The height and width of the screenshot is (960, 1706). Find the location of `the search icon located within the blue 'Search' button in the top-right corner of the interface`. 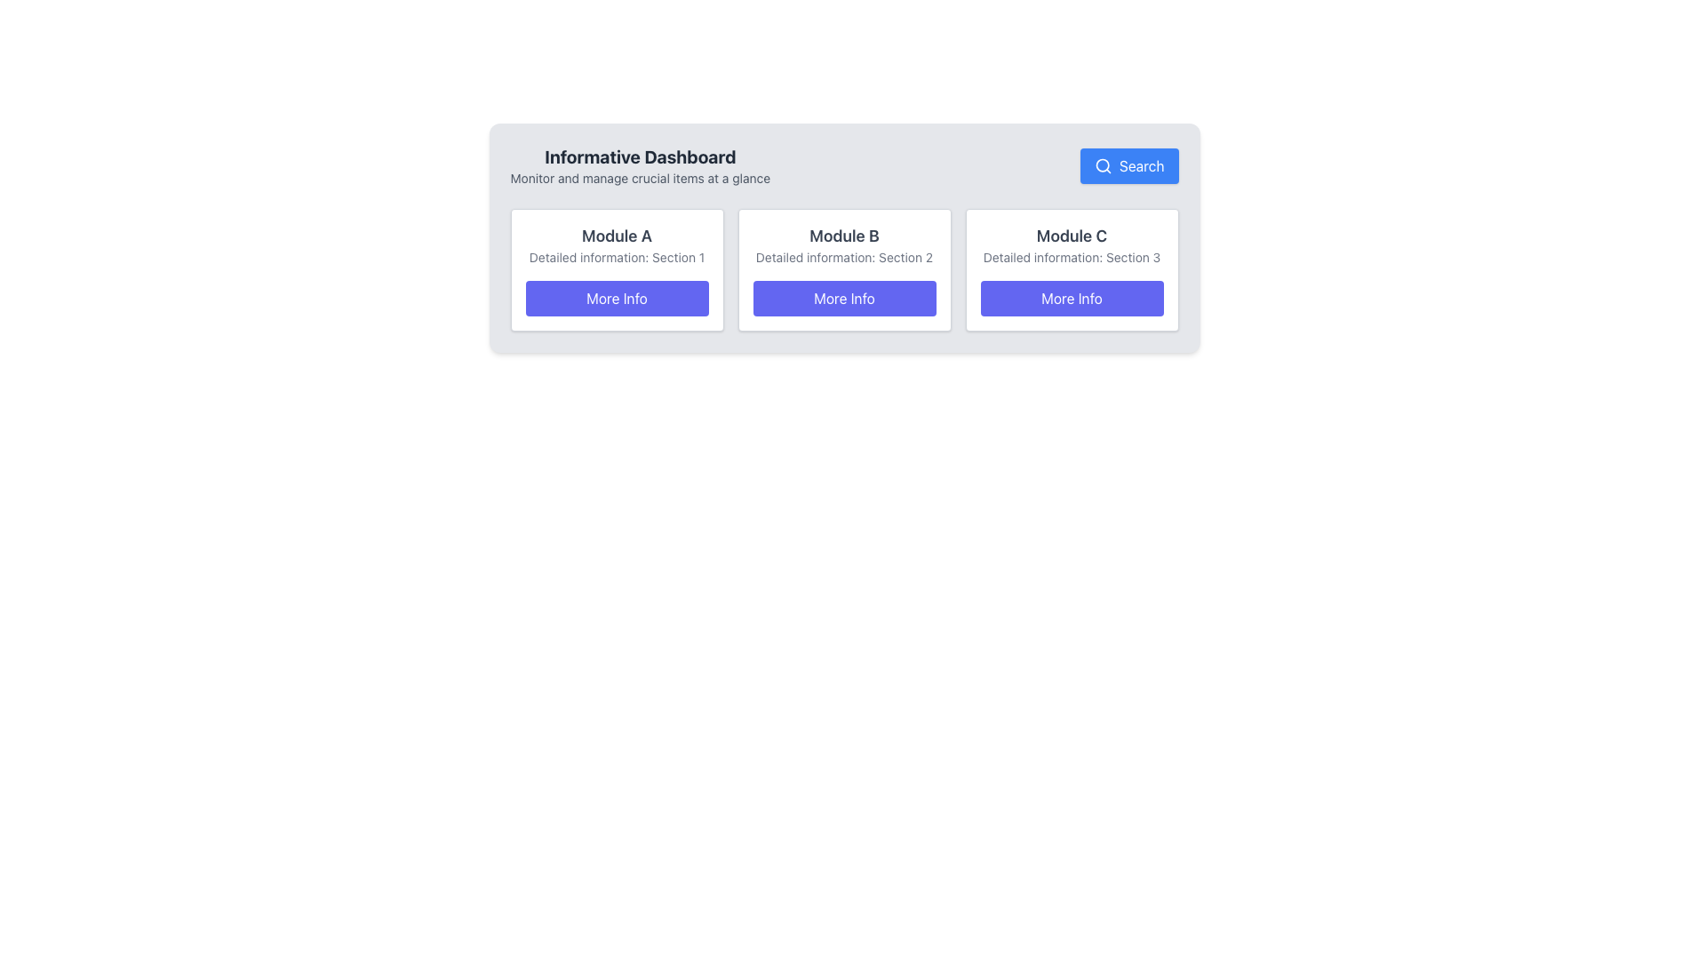

the search icon located within the blue 'Search' button in the top-right corner of the interface is located at coordinates (1103, 165).